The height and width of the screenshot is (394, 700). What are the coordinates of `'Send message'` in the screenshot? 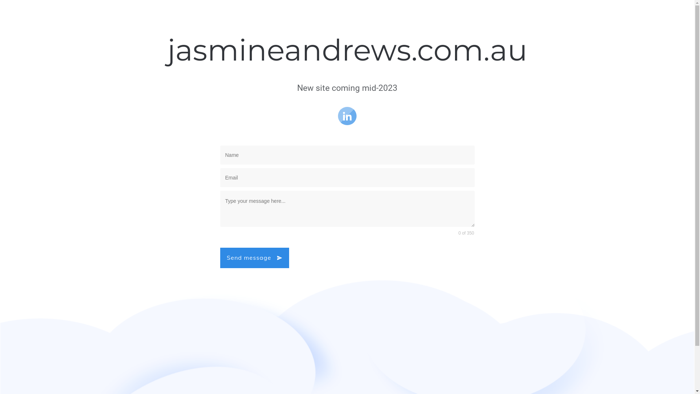 It's located at (254, 257).